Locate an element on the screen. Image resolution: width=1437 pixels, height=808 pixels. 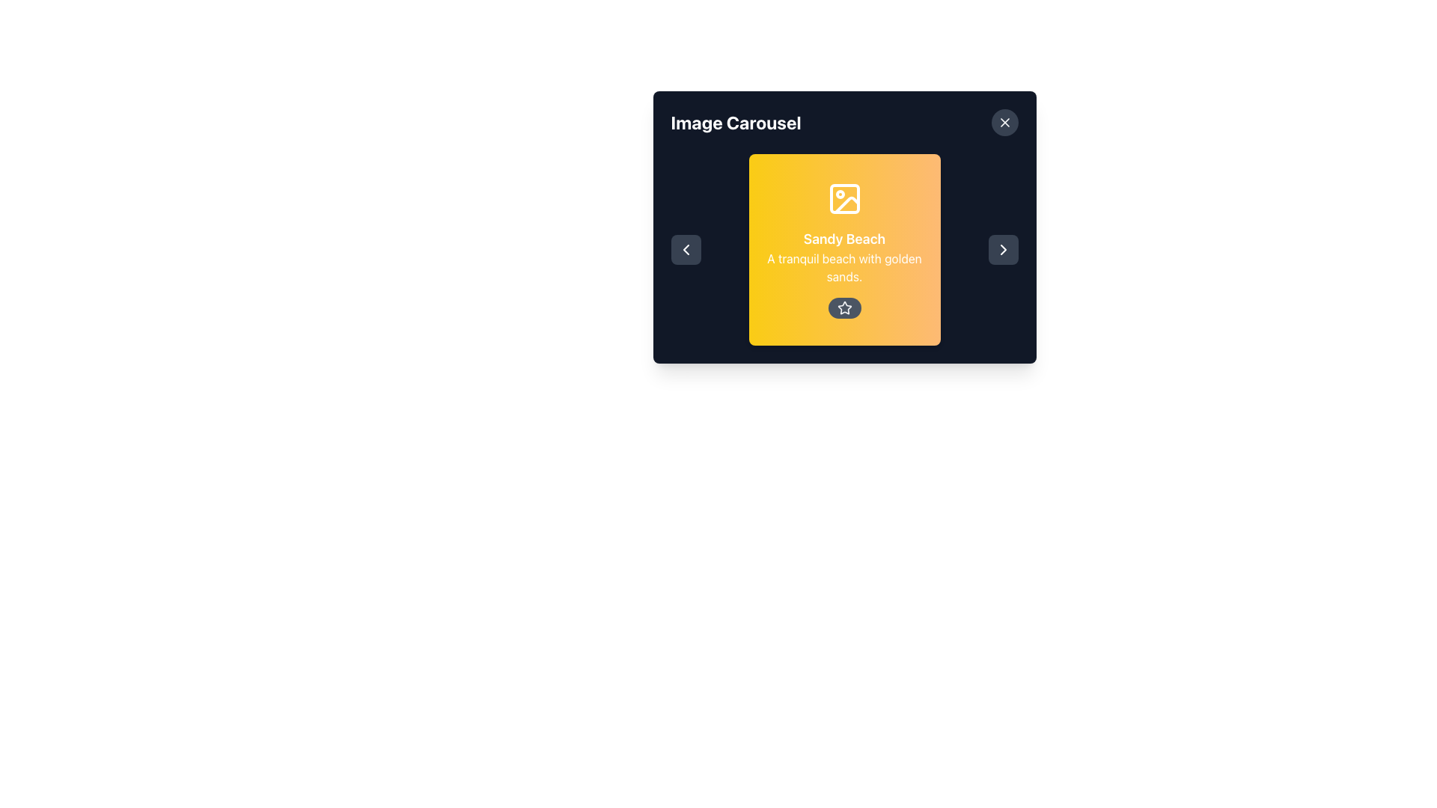
the small rectangular shape with rounded corners located within the graphical icon that depicts an image placeholder for 'Sandy Beach.' is located at coordinates (844, 198).